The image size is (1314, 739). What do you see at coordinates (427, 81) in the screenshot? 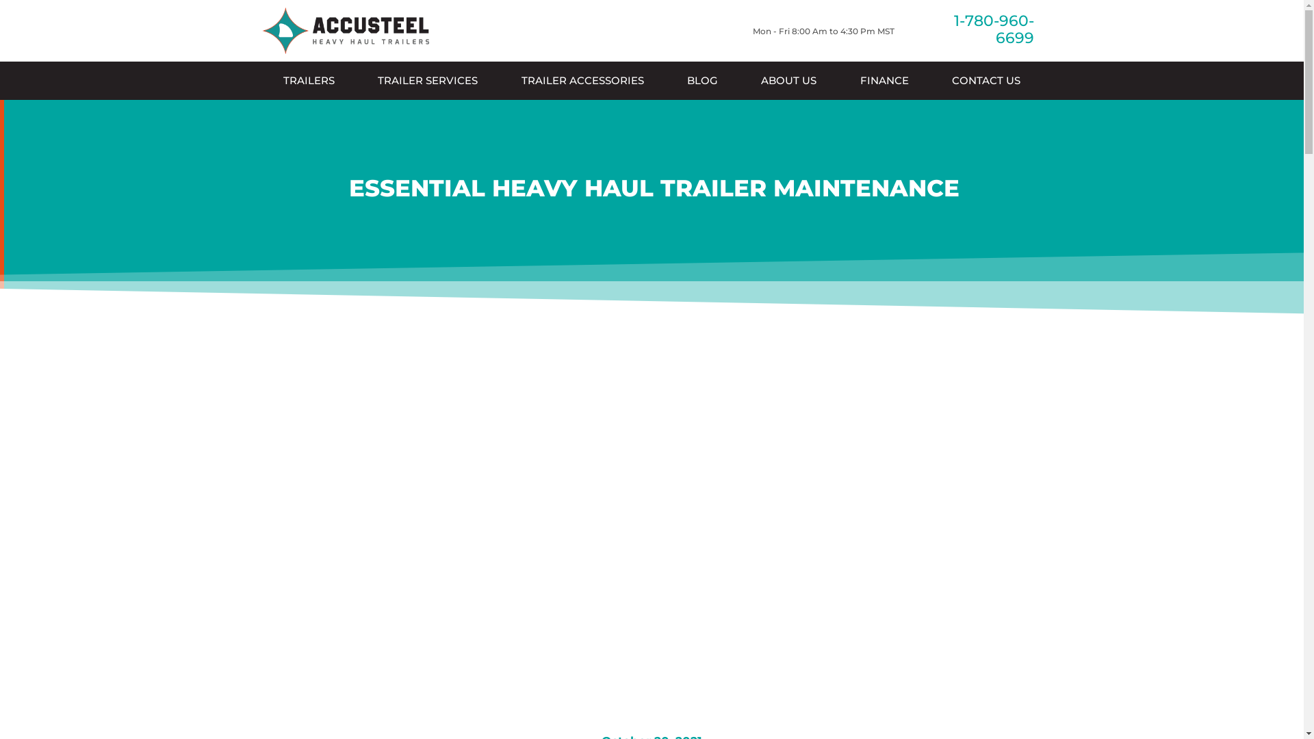
I see `'TRAILER SERVICES'` at bounding box center [427, 81].